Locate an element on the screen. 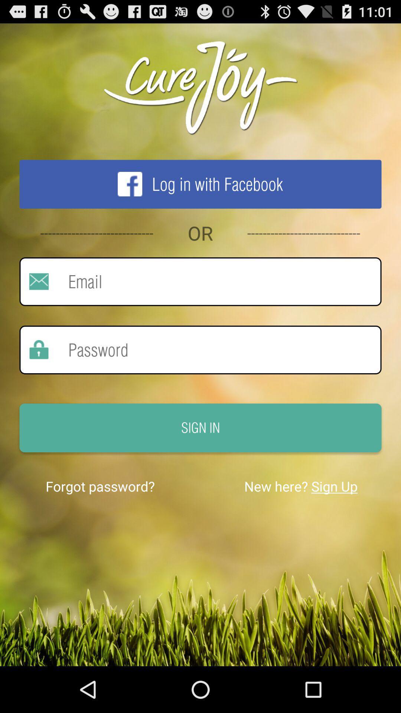 The image size is (401, 713). enter password is located at coordinates (215, 349).